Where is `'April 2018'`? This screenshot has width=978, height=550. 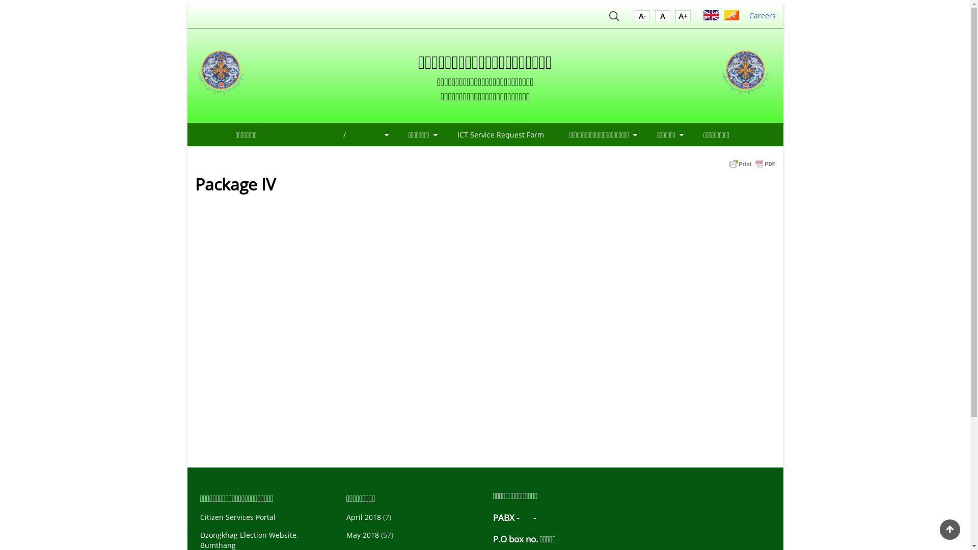
'April 2018' is located at coordinates (364, 517).